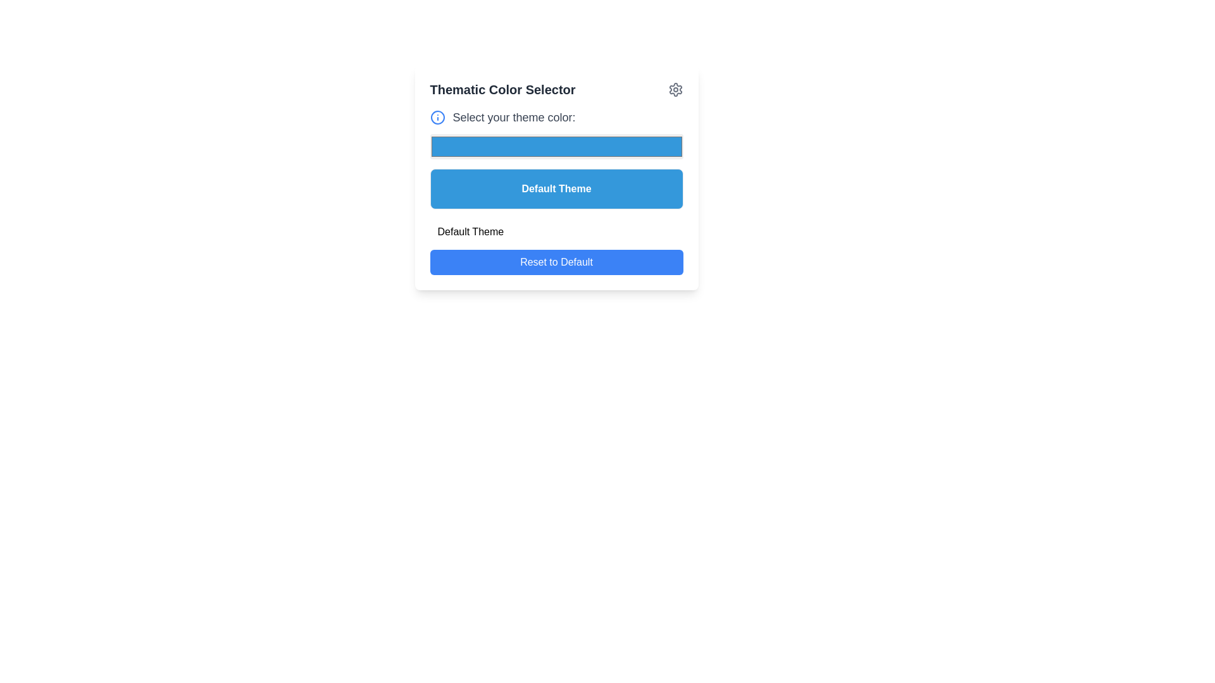 The width and height of the screenshot is (1215, 683). Describe the element at coordinates (502, 89) in the screenshot. I see `the text label styled prominently with a large bold font reading 'Thematic Color Selector', which is located at the top of the thematic configuration panel` at that location.